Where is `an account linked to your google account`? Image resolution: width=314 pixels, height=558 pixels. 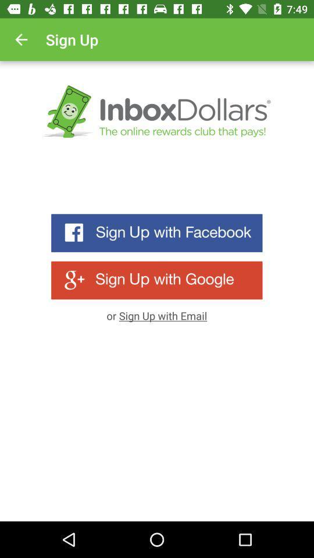
an account linked to your google account is located at coordinates (156, 280).